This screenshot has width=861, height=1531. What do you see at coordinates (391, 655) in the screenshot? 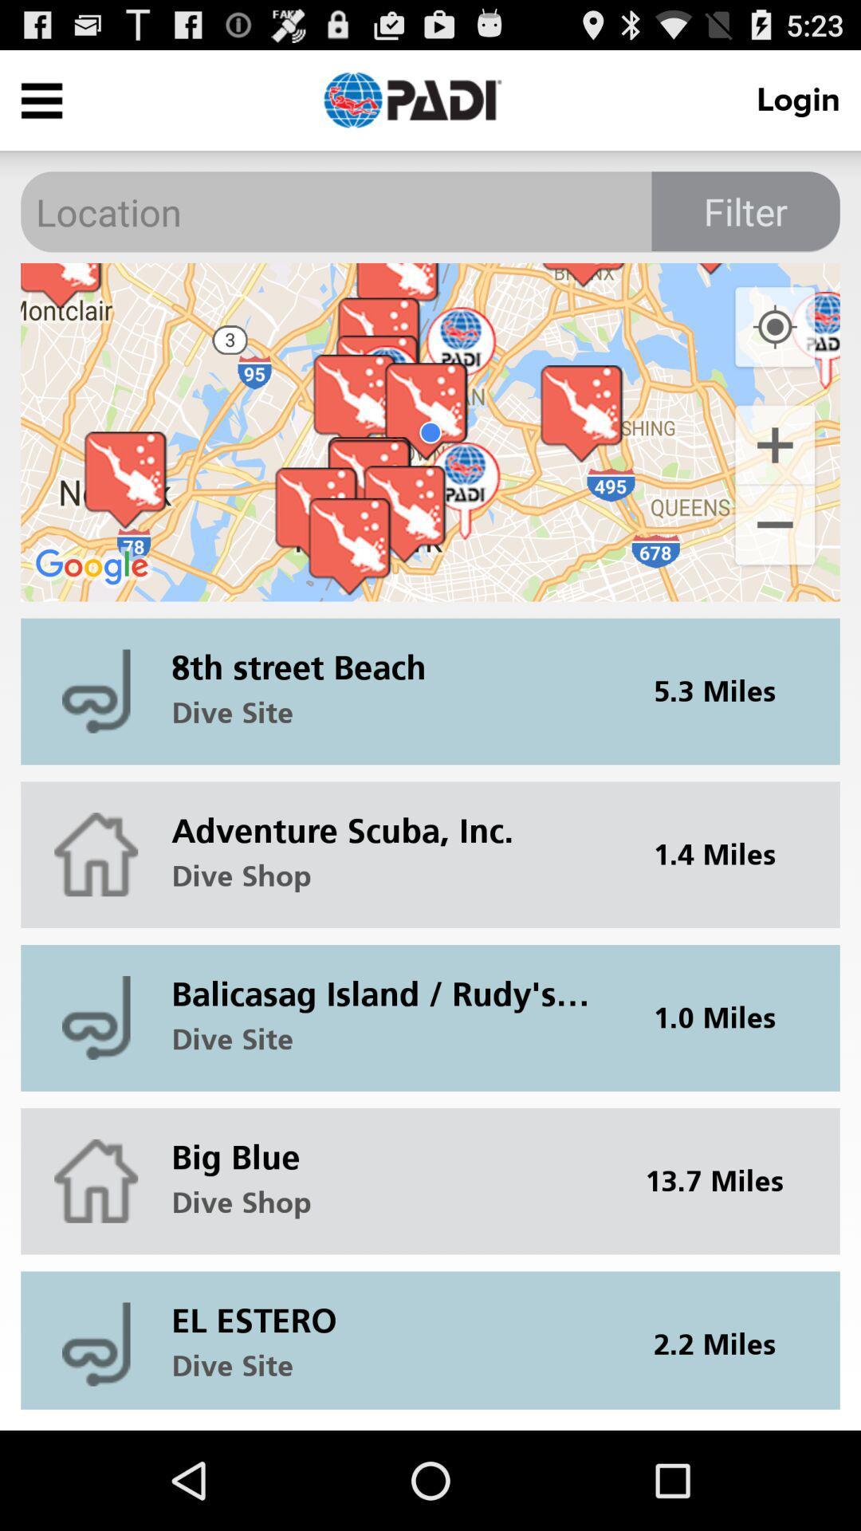
I see `item to the left of 5.3 miles` at bounding box center [391, 655].